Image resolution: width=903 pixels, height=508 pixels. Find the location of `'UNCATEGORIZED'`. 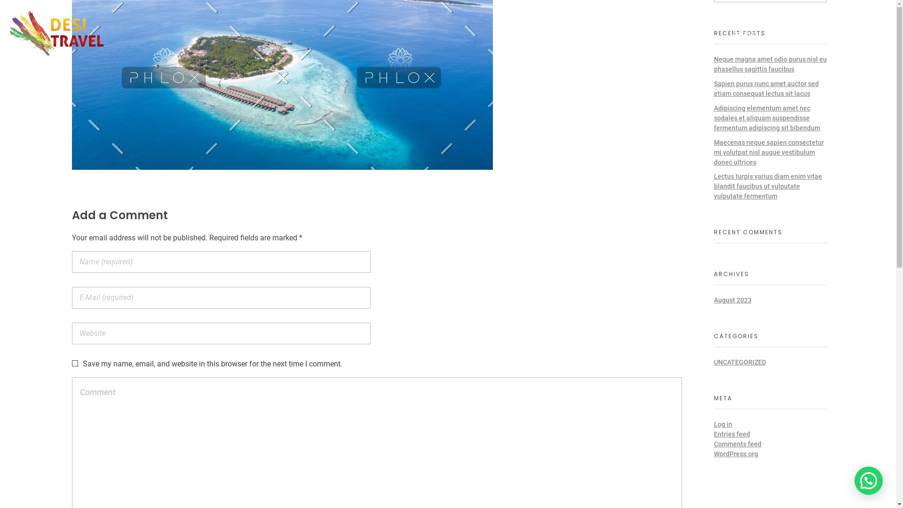

'UNCATEGORIZED' is located at coordinates (713, 362).